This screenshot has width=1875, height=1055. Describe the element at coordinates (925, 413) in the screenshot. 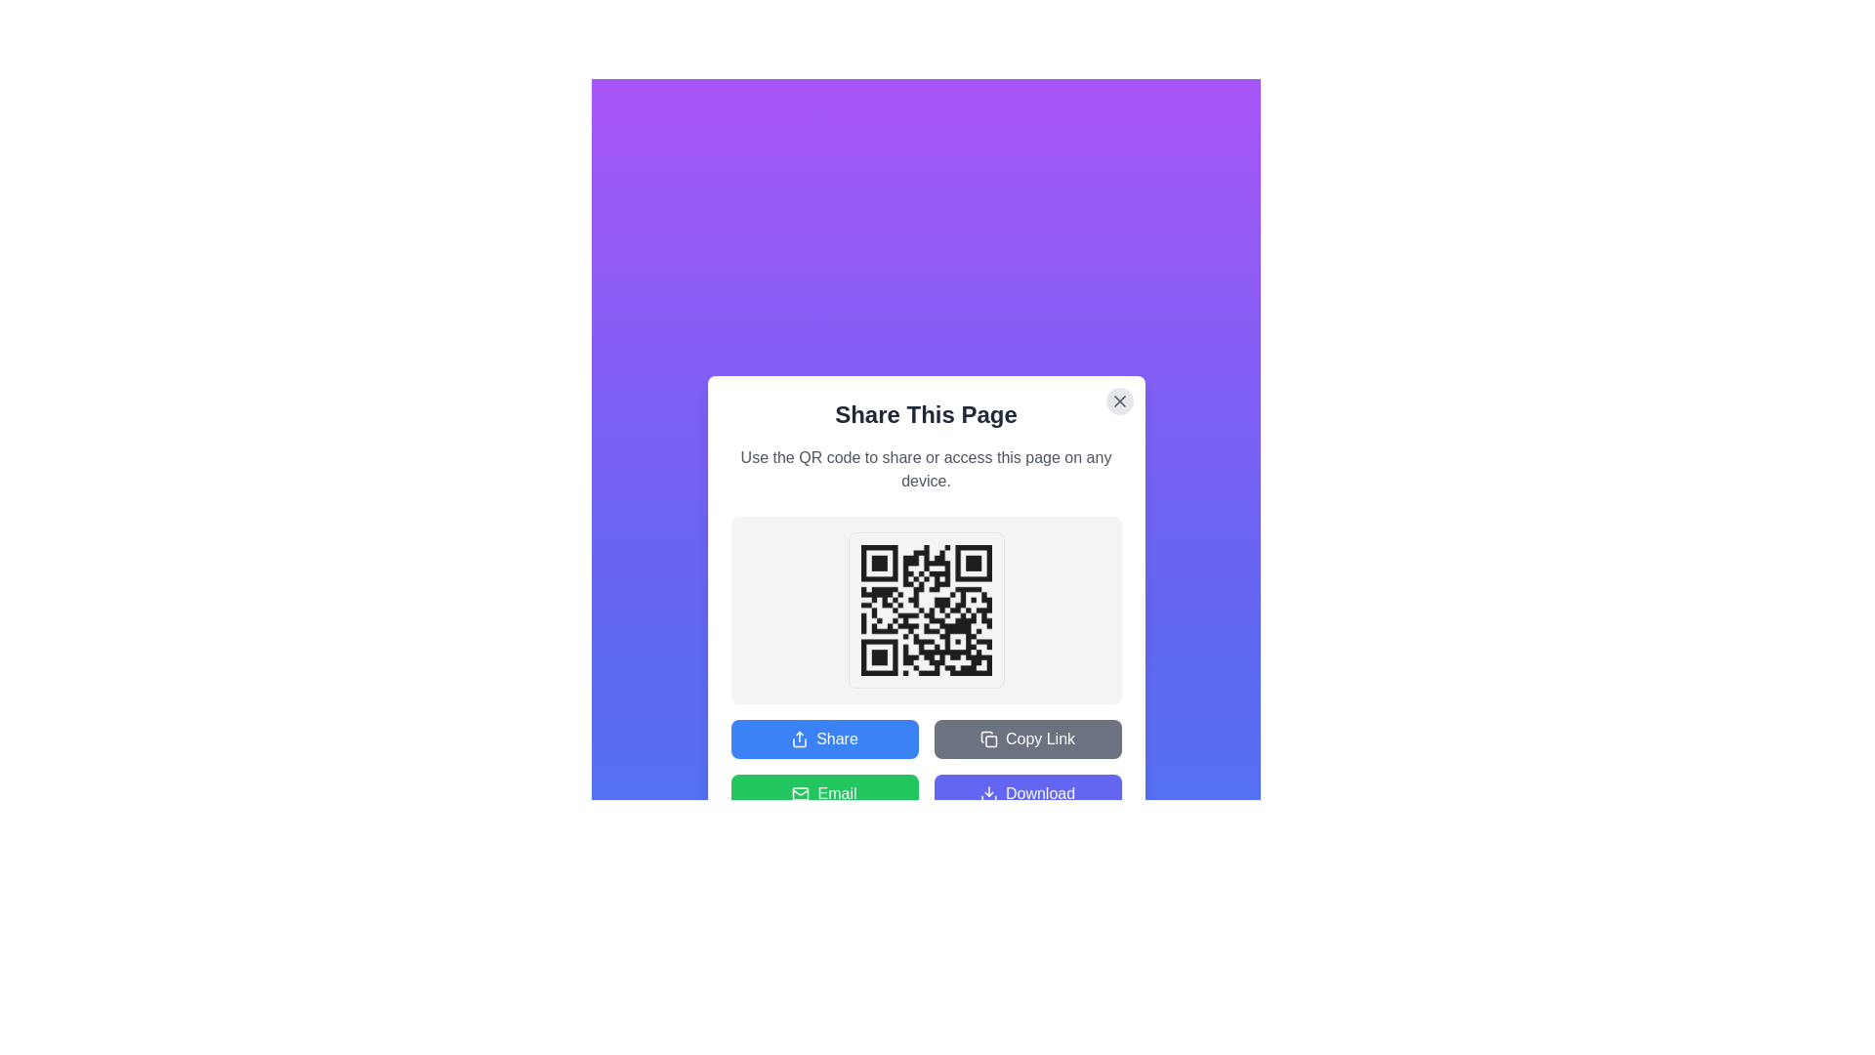

I see `the header text element that indicates the purpose of sharing the current page, located within the dialog box below the close button and above the descriptive text` at that location.